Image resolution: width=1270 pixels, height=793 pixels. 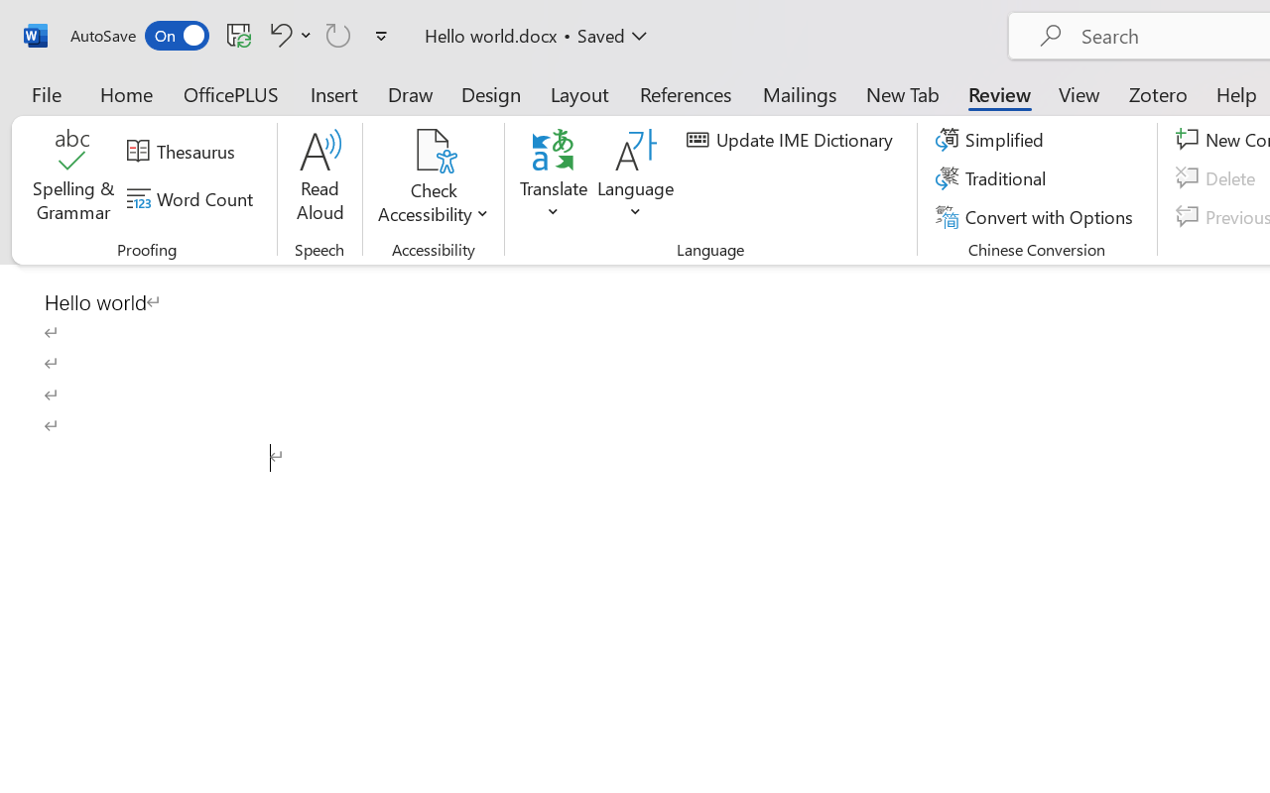 What do you see at coordinates (902, 93) in the screenshot?
I see `'New Tab'` at bounding box center [902, 93].